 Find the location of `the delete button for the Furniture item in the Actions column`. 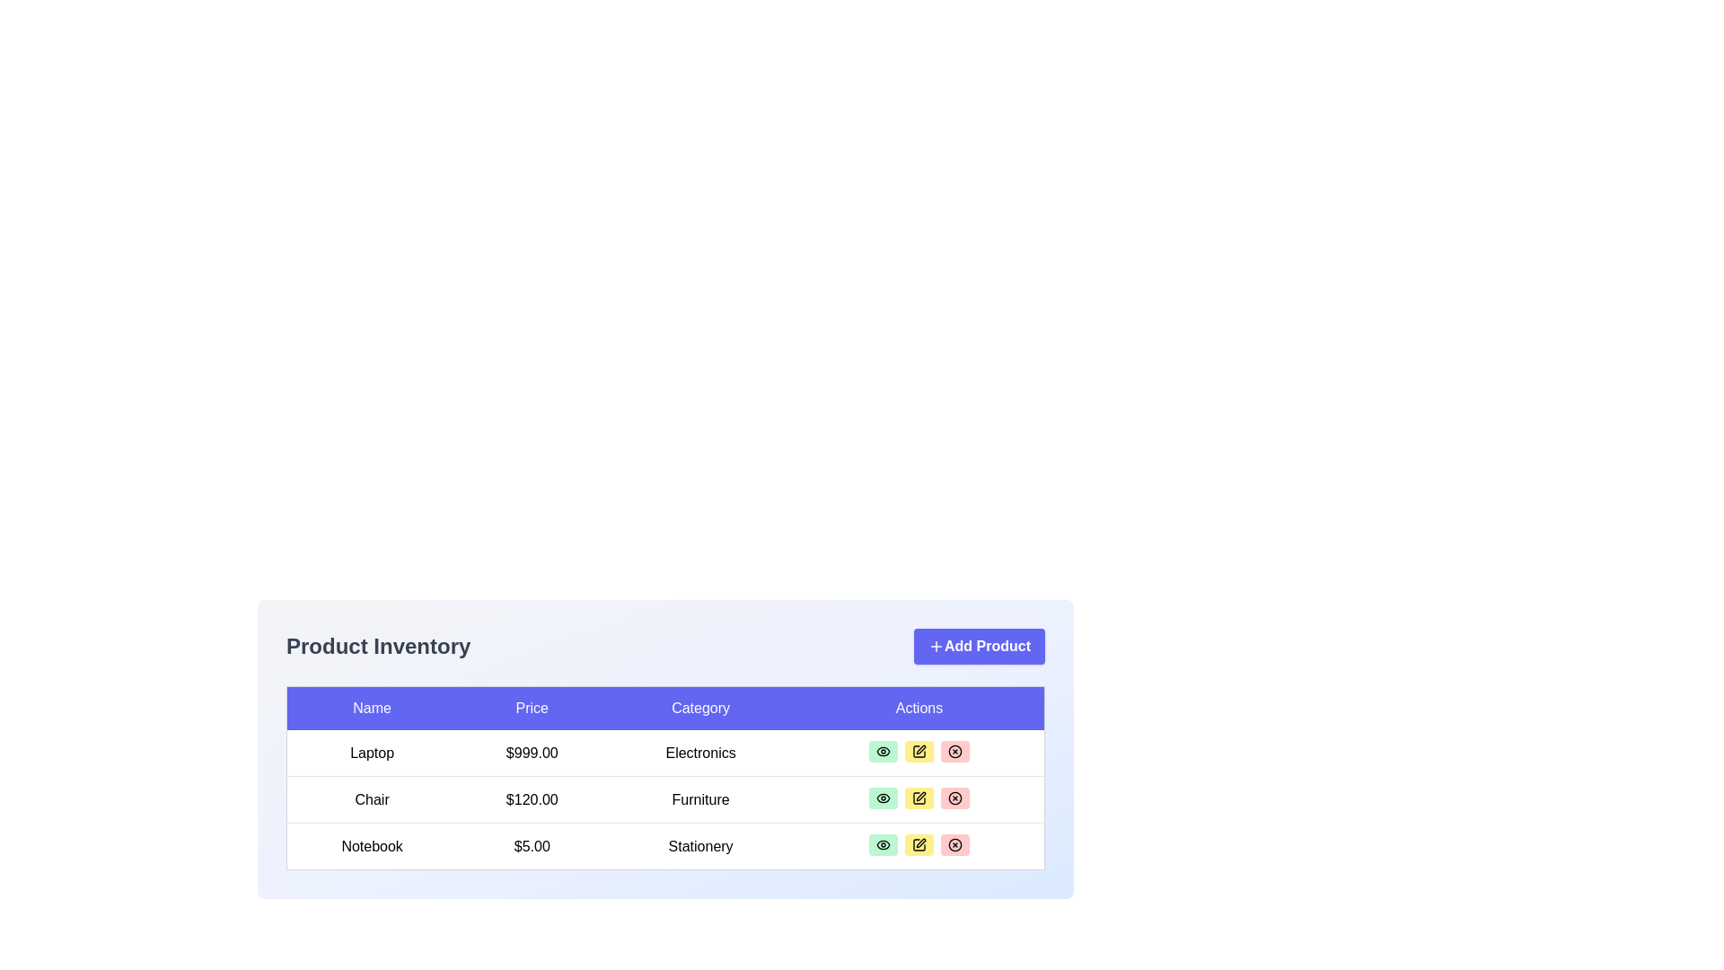

the delete button for the Furniture item in the Actions column is located at coordinates (954, 797).